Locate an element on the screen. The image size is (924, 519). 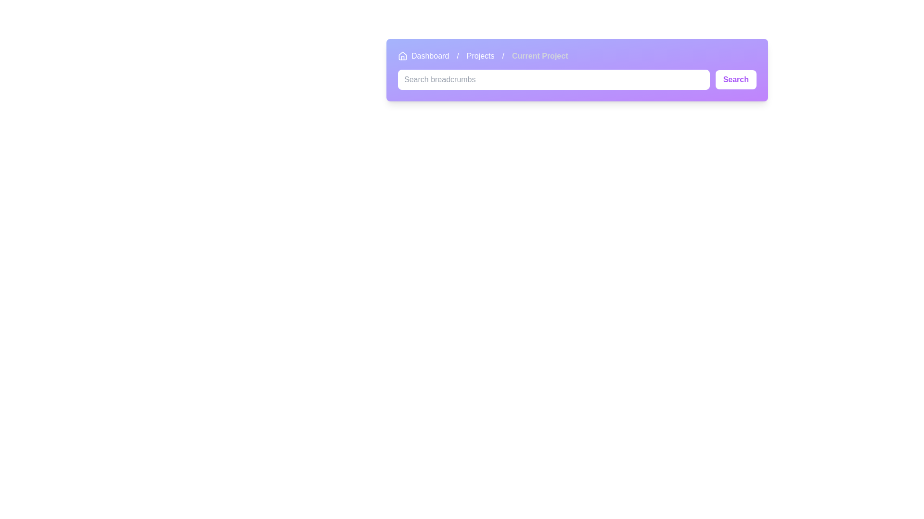
the house outline icon in the breadcrumb navigation bar is located at coordinates (402, 56).